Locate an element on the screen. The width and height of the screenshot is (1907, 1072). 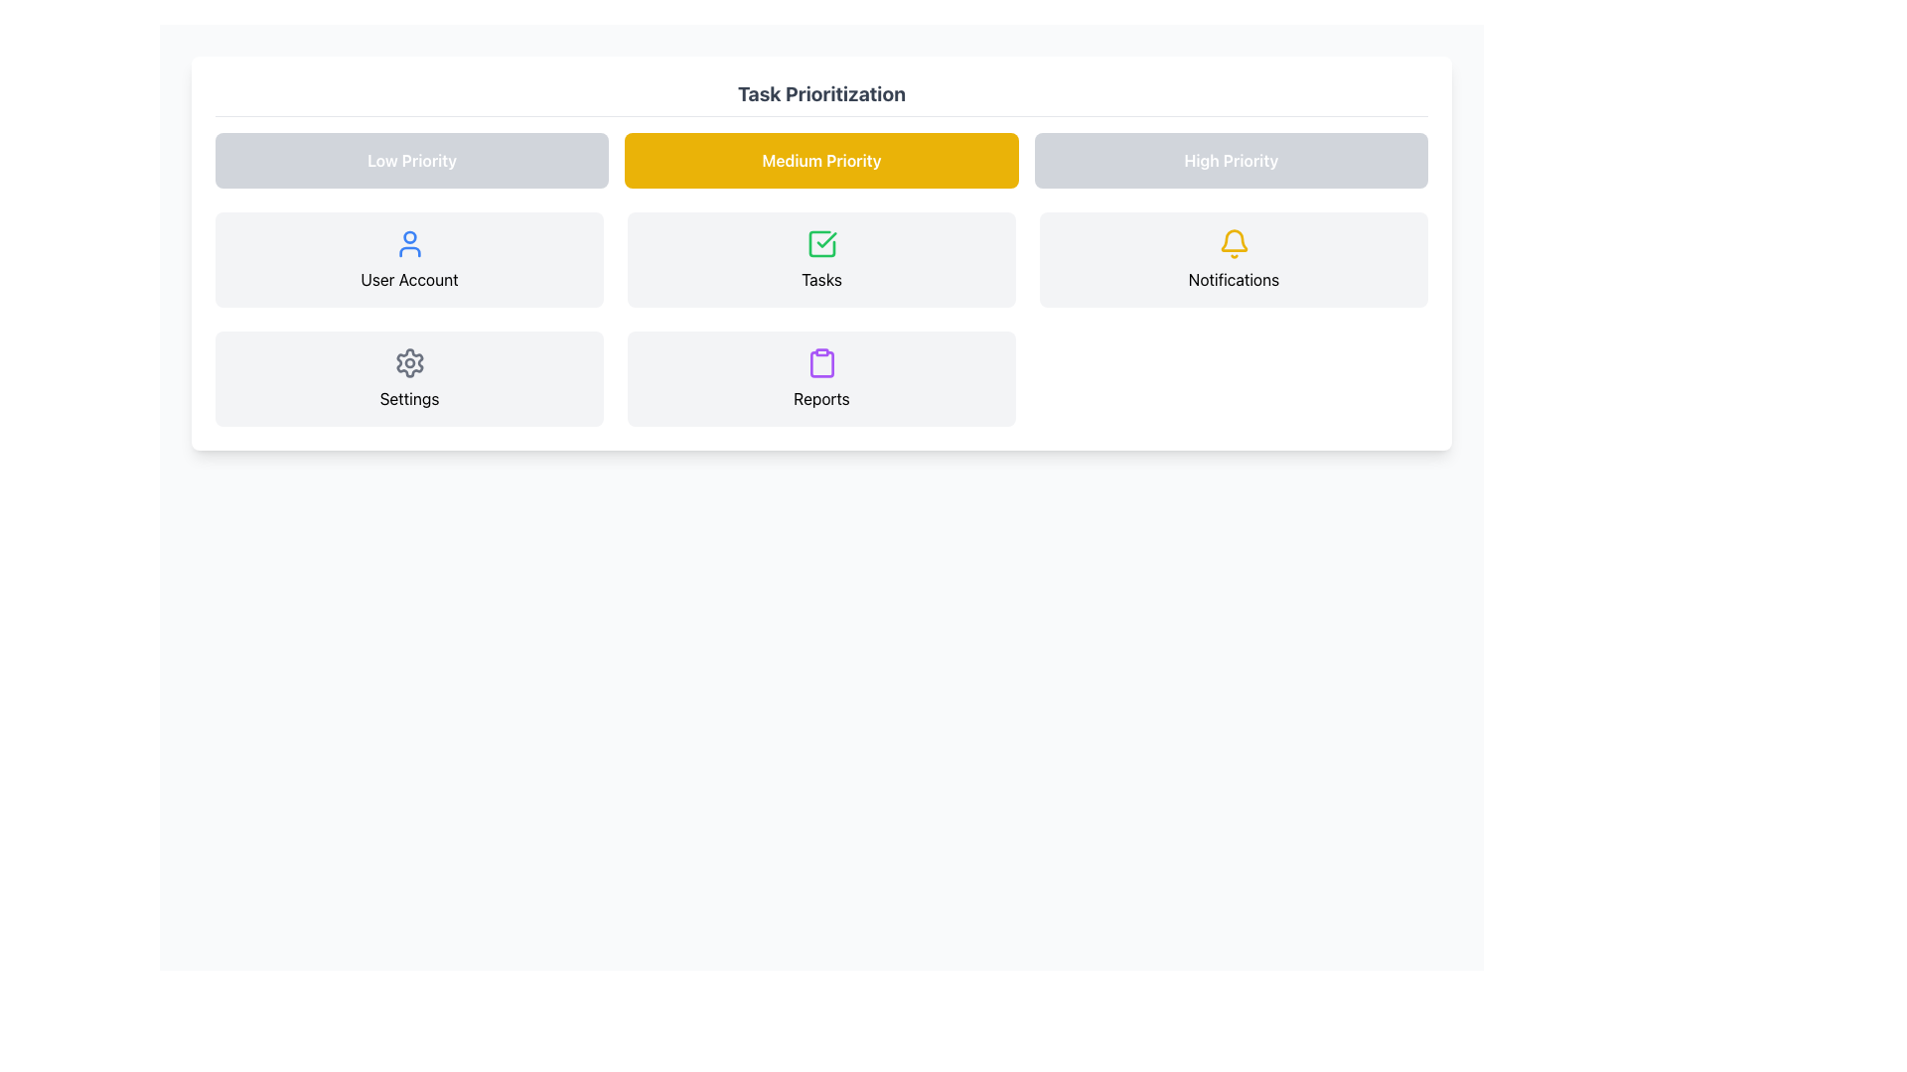
the Interactive Card displaying a yellow bell icon and the text 'Notifications' in bold, located in the top-right corner of the interface is located at coordinates (1233, 259).